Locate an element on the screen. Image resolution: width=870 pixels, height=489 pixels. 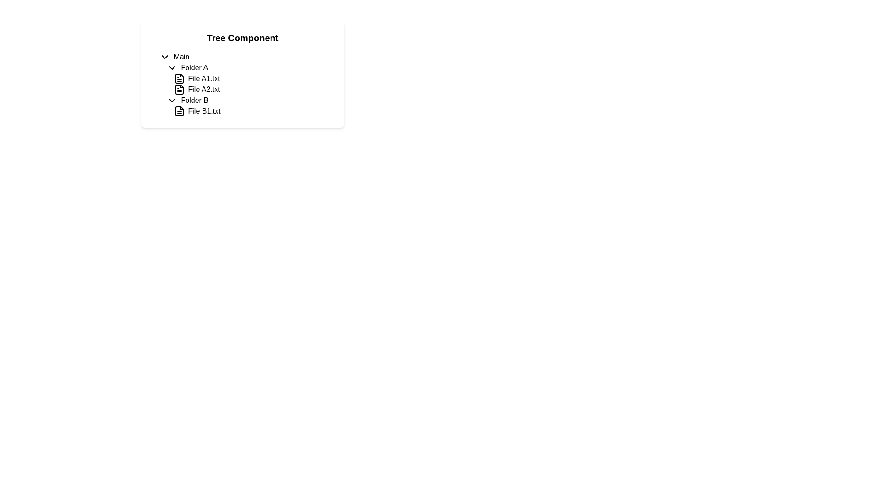
the text label 'File B1.txt' displayed in bold font is located at coordinates (204, 111).